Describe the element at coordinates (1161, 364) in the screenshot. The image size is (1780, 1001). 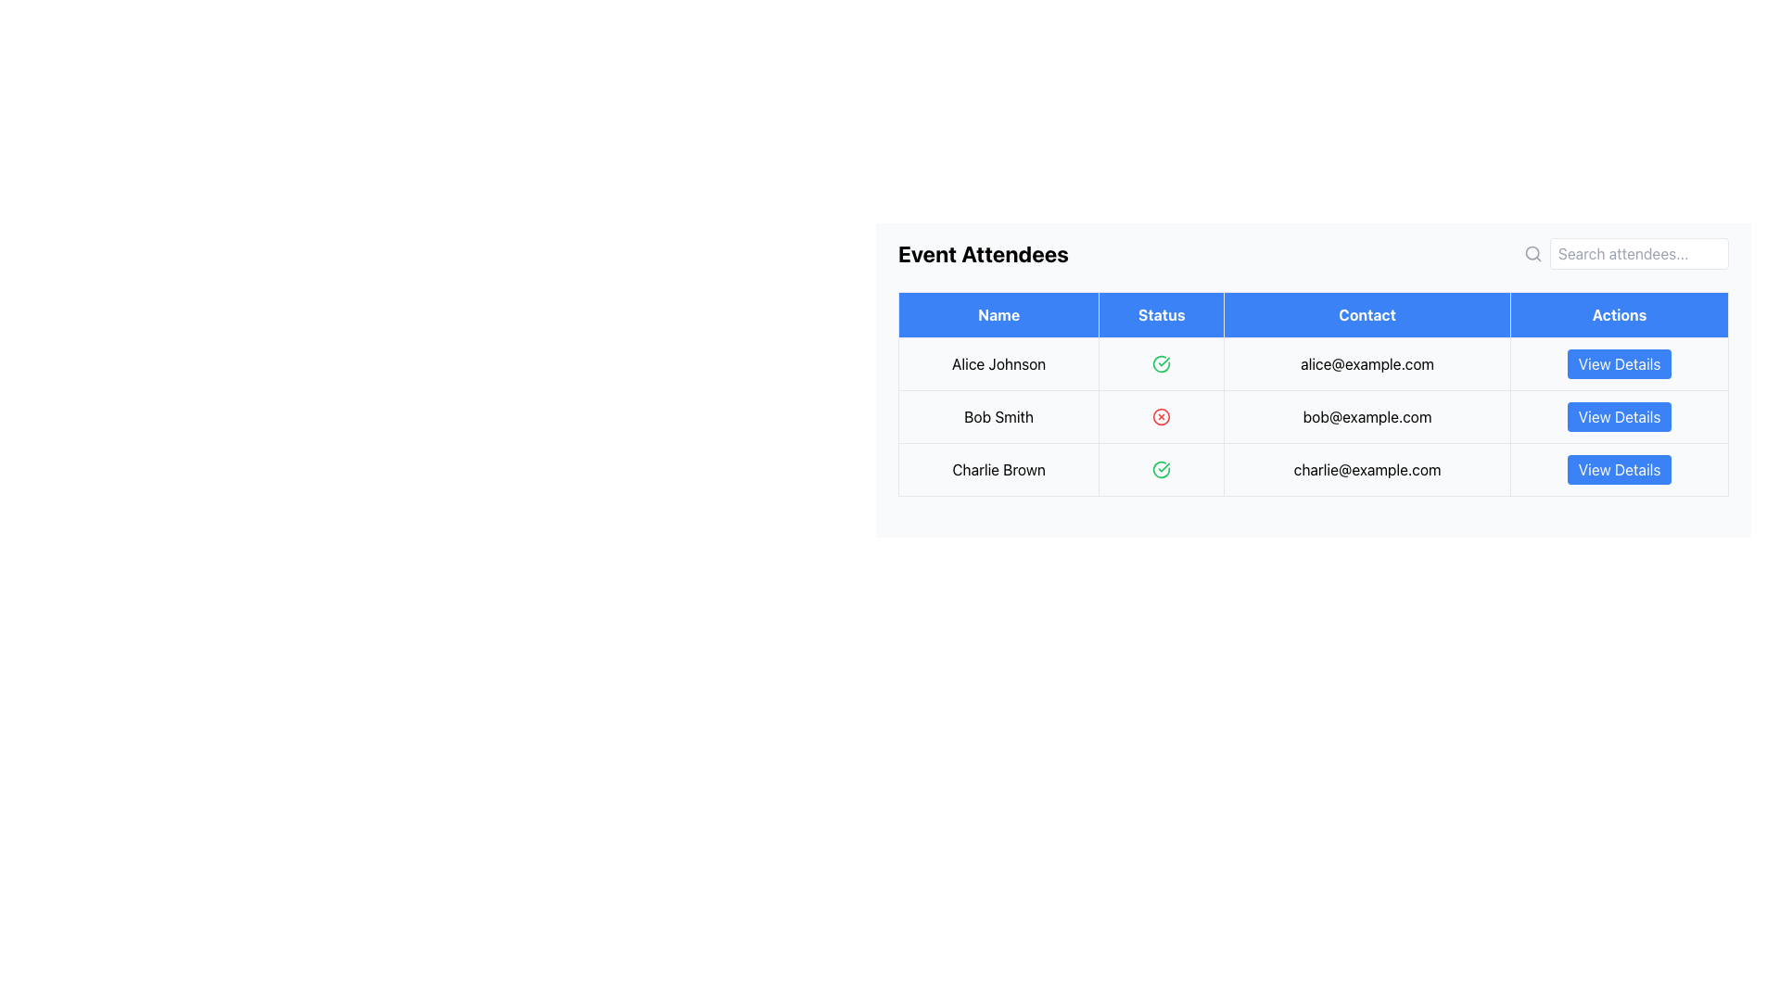
I see `visual content of the table cell containing a green circular checkmark icon in the 'Status' column for 'Alice Johnson'` at that location.